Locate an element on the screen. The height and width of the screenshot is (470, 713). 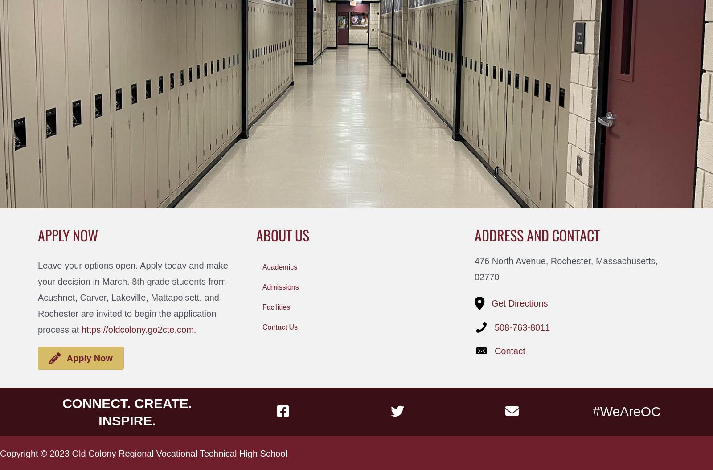
'Get Directions' is located at coordinates (519, 303).